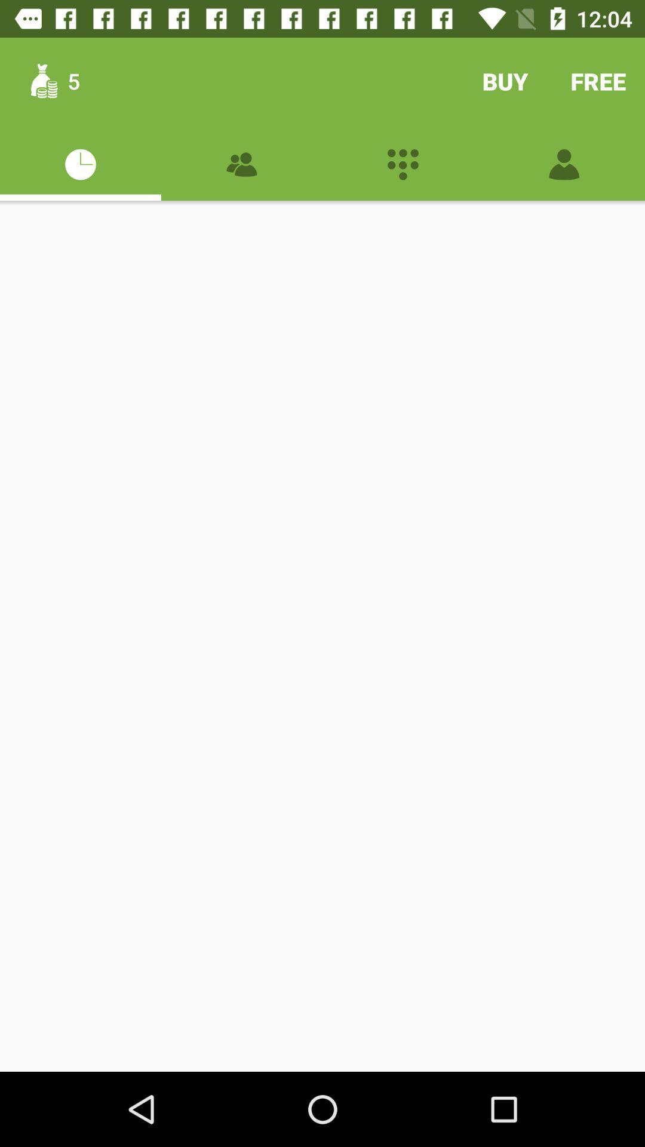  Describe the element at coordinates (598, 81) in the screenshot. I see `free` at that location.